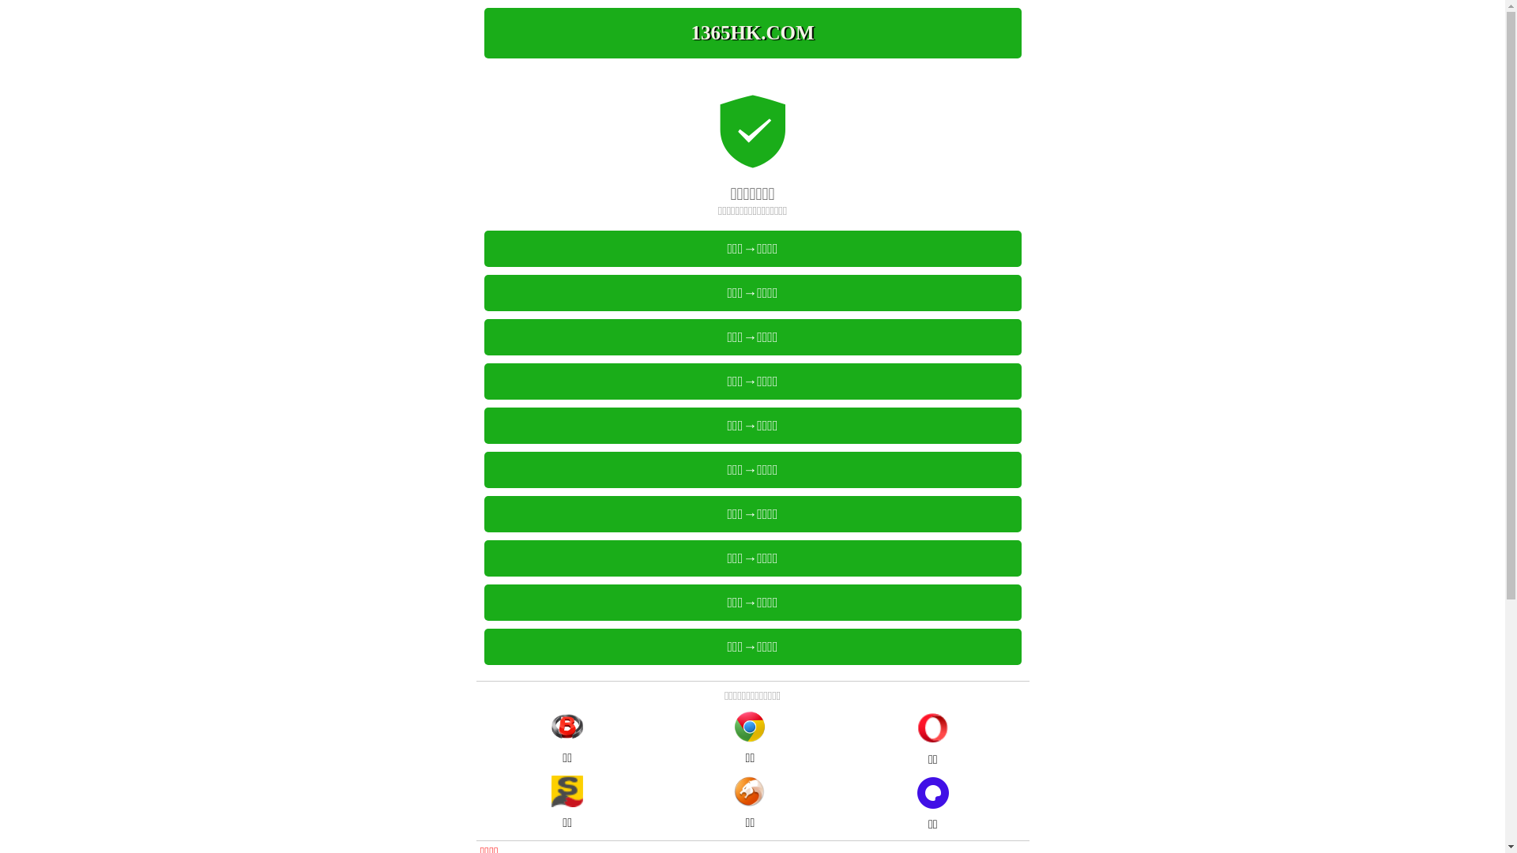 The width and height of the screenshot is (1517, 853). I want to click on '1364HK.COM', so click(751, 33).